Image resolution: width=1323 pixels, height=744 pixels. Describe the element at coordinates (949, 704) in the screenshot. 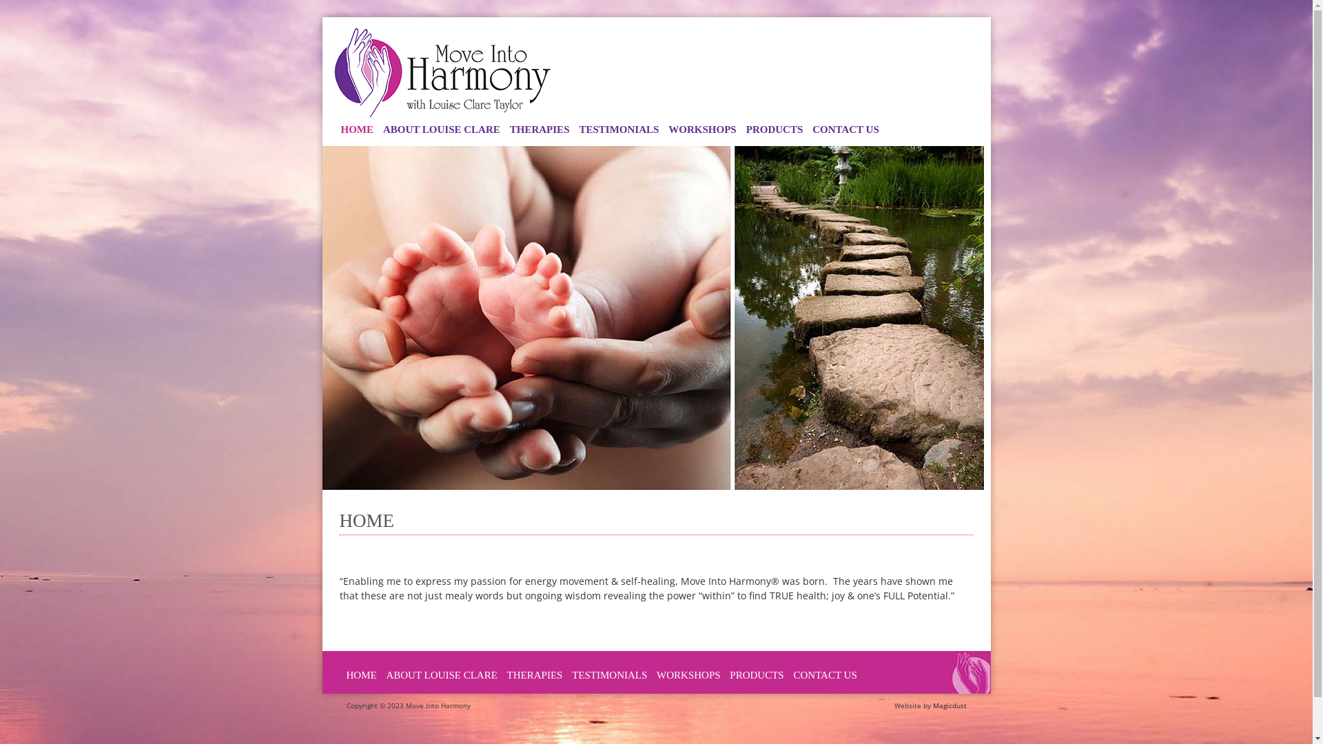

I see `'Magicdust'` at that location.